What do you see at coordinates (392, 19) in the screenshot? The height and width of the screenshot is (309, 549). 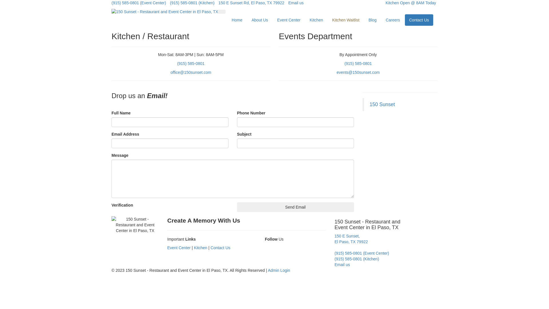 I see `'Careers'` at bounding box center [392, 19].